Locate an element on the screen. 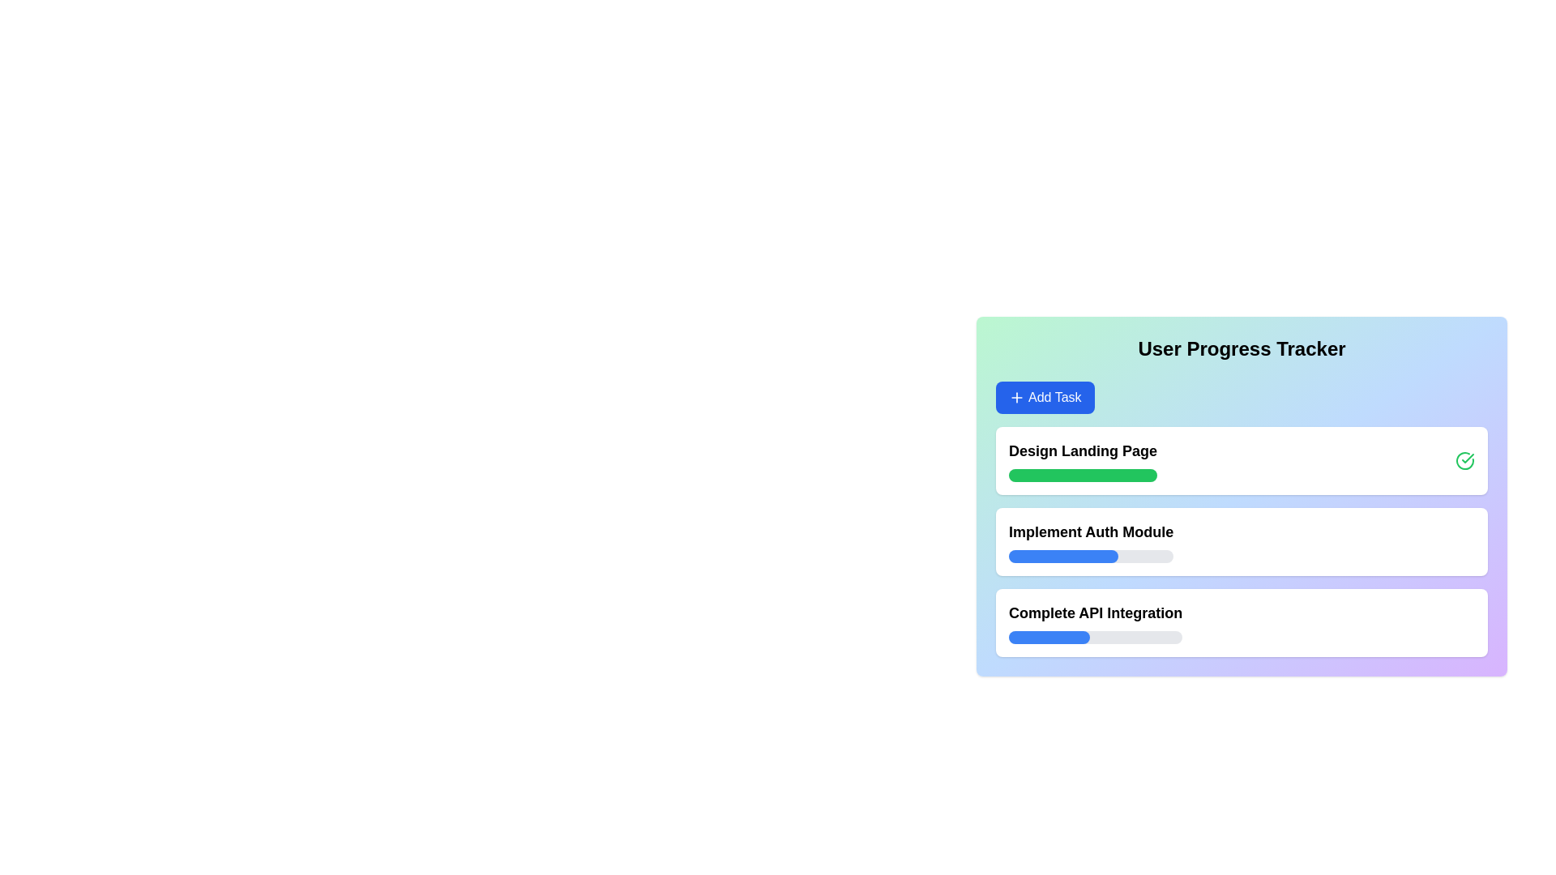 This screenshot has height=875, width=1556. the plus icon embedded in the 'Add Task' button located at the top-left part of the user progress tracker interface is located at coordinates (1015, 397).